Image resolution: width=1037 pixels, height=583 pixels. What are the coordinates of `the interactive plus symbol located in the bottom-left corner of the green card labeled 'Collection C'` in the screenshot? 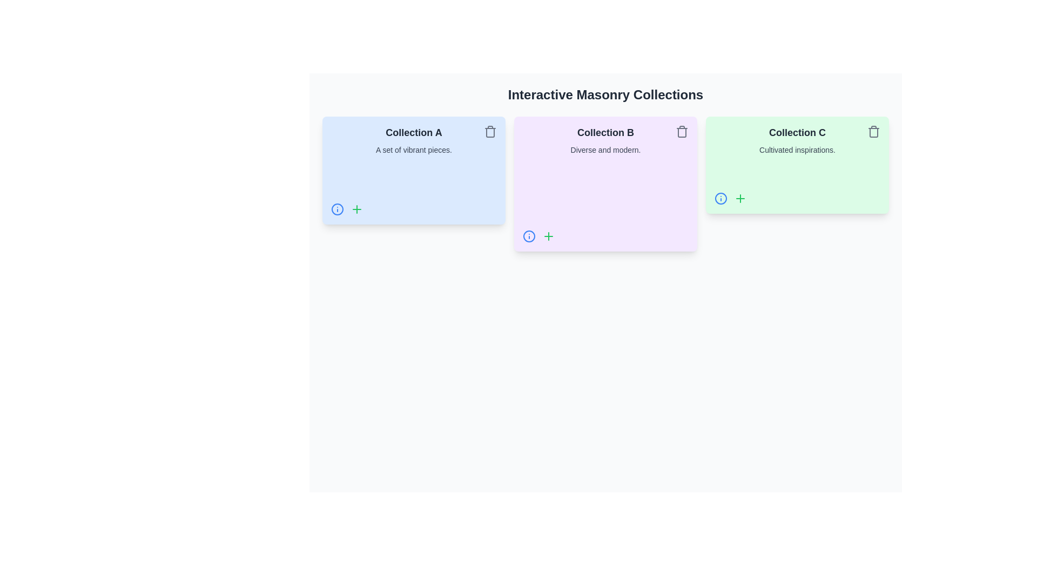 It's located at (740, 198).